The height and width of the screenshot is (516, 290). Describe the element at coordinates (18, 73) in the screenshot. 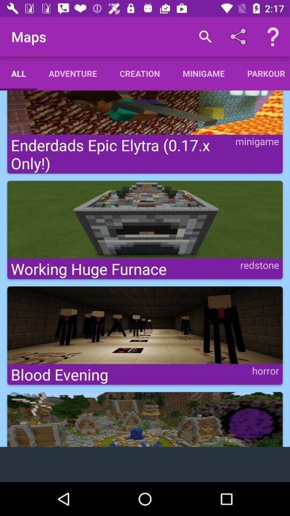

I see `icon below maps item` at that location.